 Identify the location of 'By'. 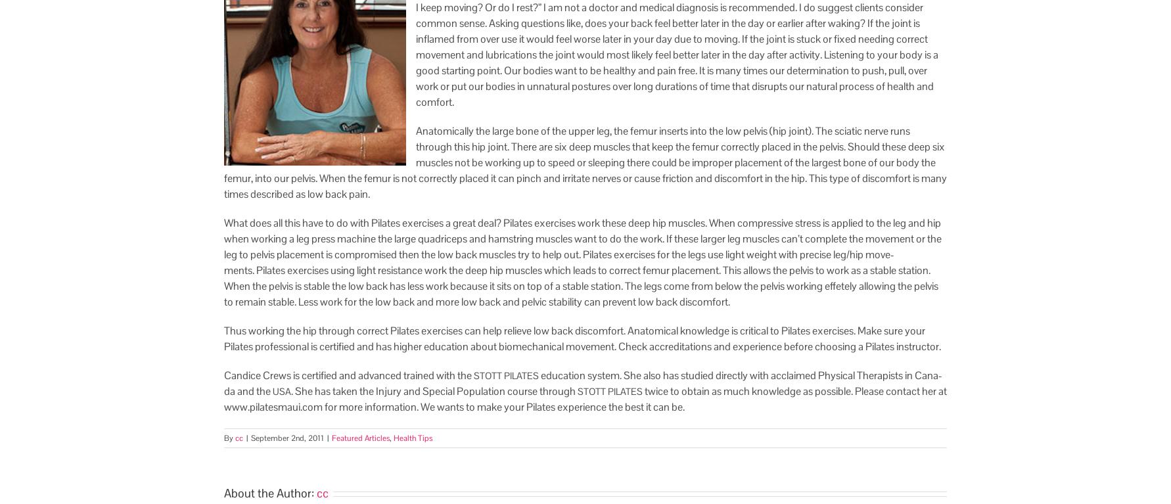
(229, 438).